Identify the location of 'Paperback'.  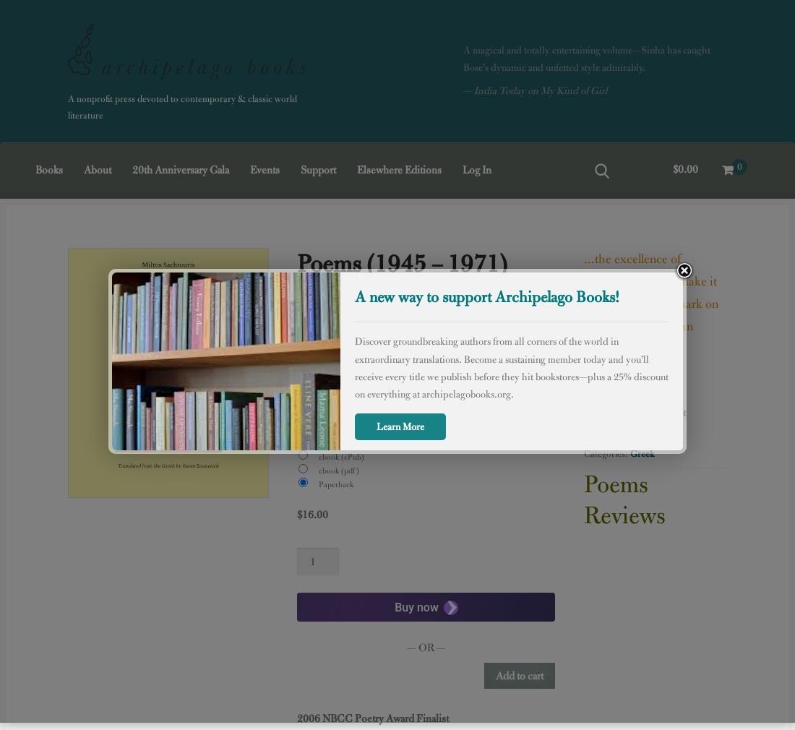
(330, 484).